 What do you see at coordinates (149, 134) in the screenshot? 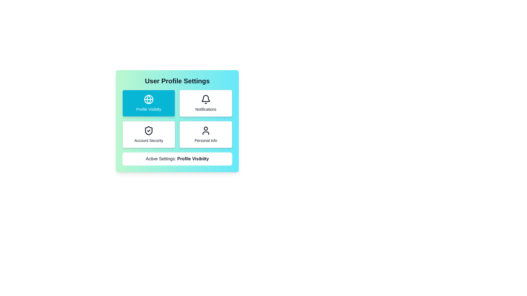
I see `the button corresponding to Account Security` at bounding box center [149, 134].